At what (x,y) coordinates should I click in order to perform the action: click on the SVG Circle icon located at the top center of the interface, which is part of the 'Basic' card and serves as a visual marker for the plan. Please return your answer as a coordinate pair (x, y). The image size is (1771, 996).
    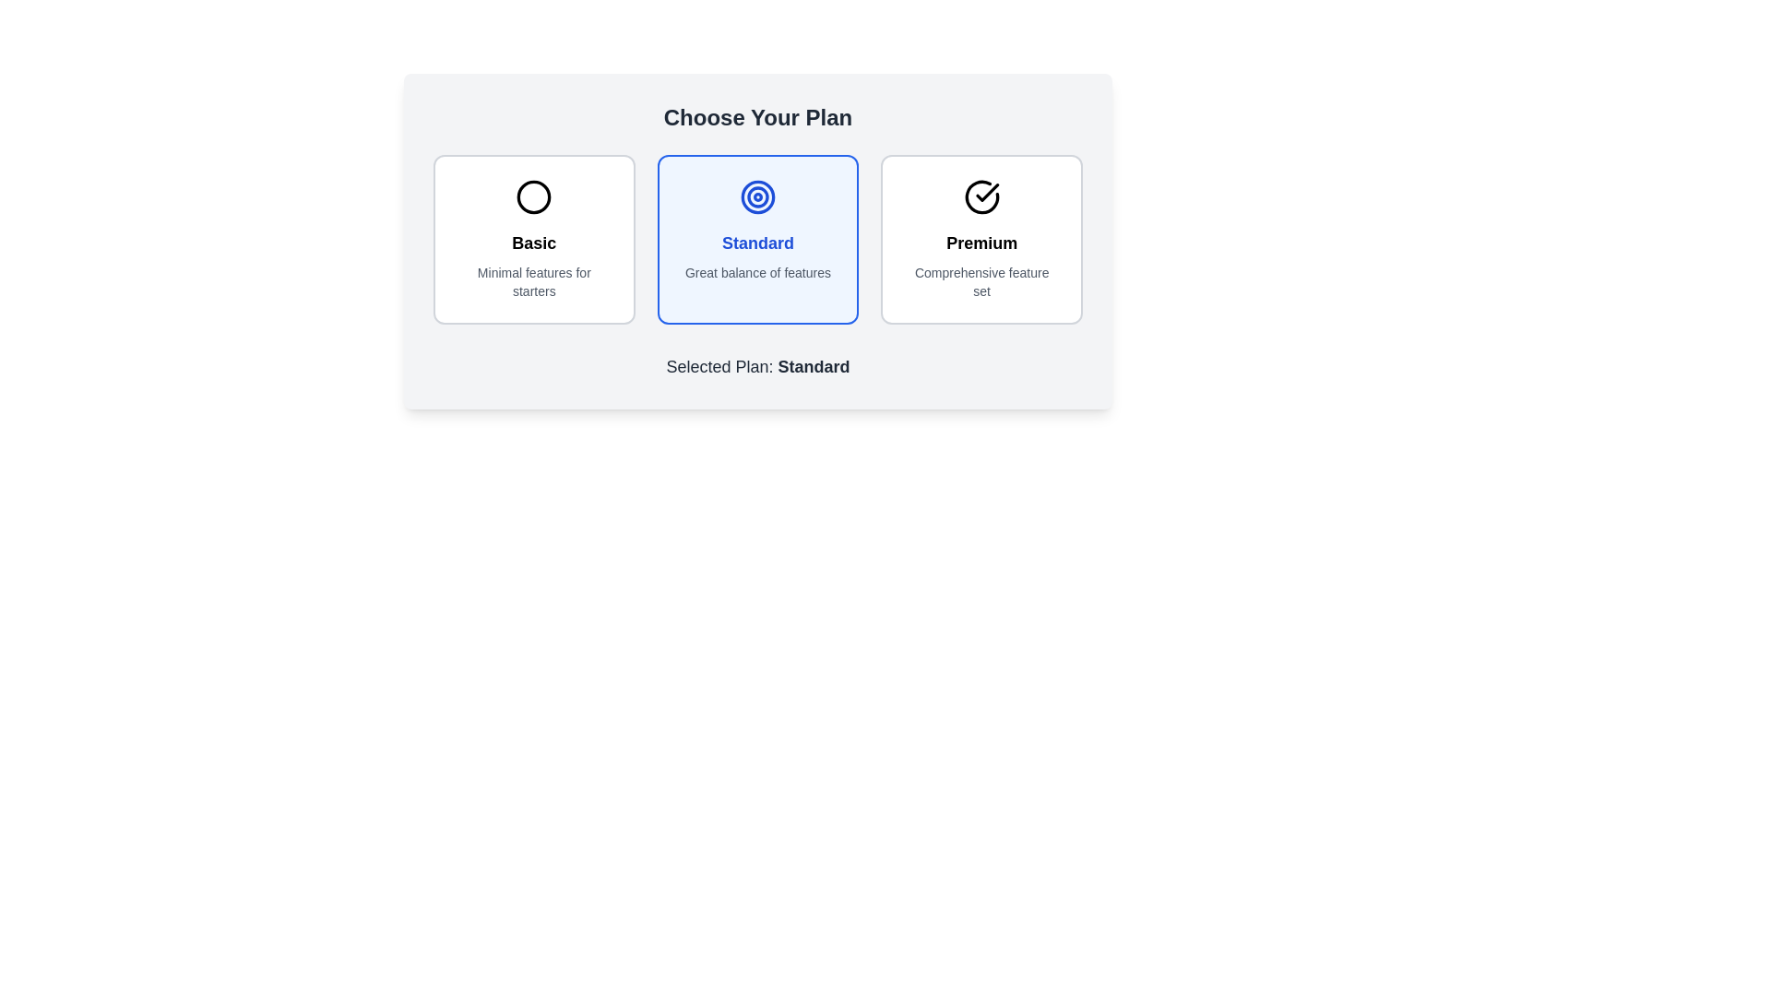
    Looking at the image, I should click on (533, 196).